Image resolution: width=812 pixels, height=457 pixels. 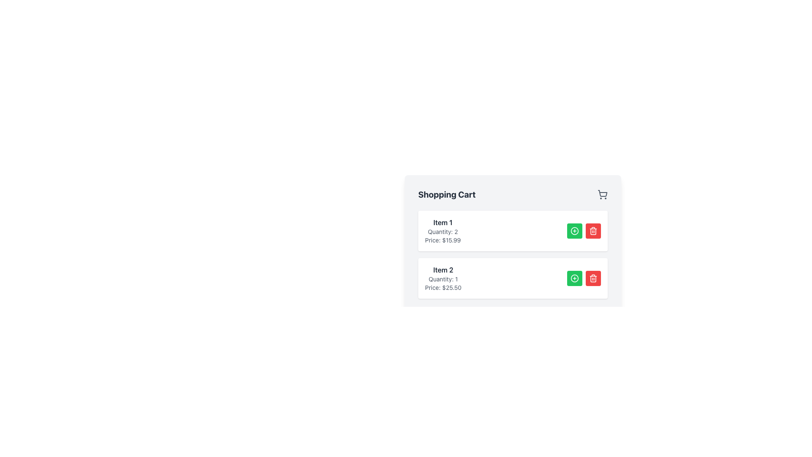 What do you see at coordinates (442, 240) in the screenshot?
I see `the static text labeled 'Price: $15.99' which is positioned below the 'Quantity: 2' text in the shopping cart interface` at bounding box center [442, 240].